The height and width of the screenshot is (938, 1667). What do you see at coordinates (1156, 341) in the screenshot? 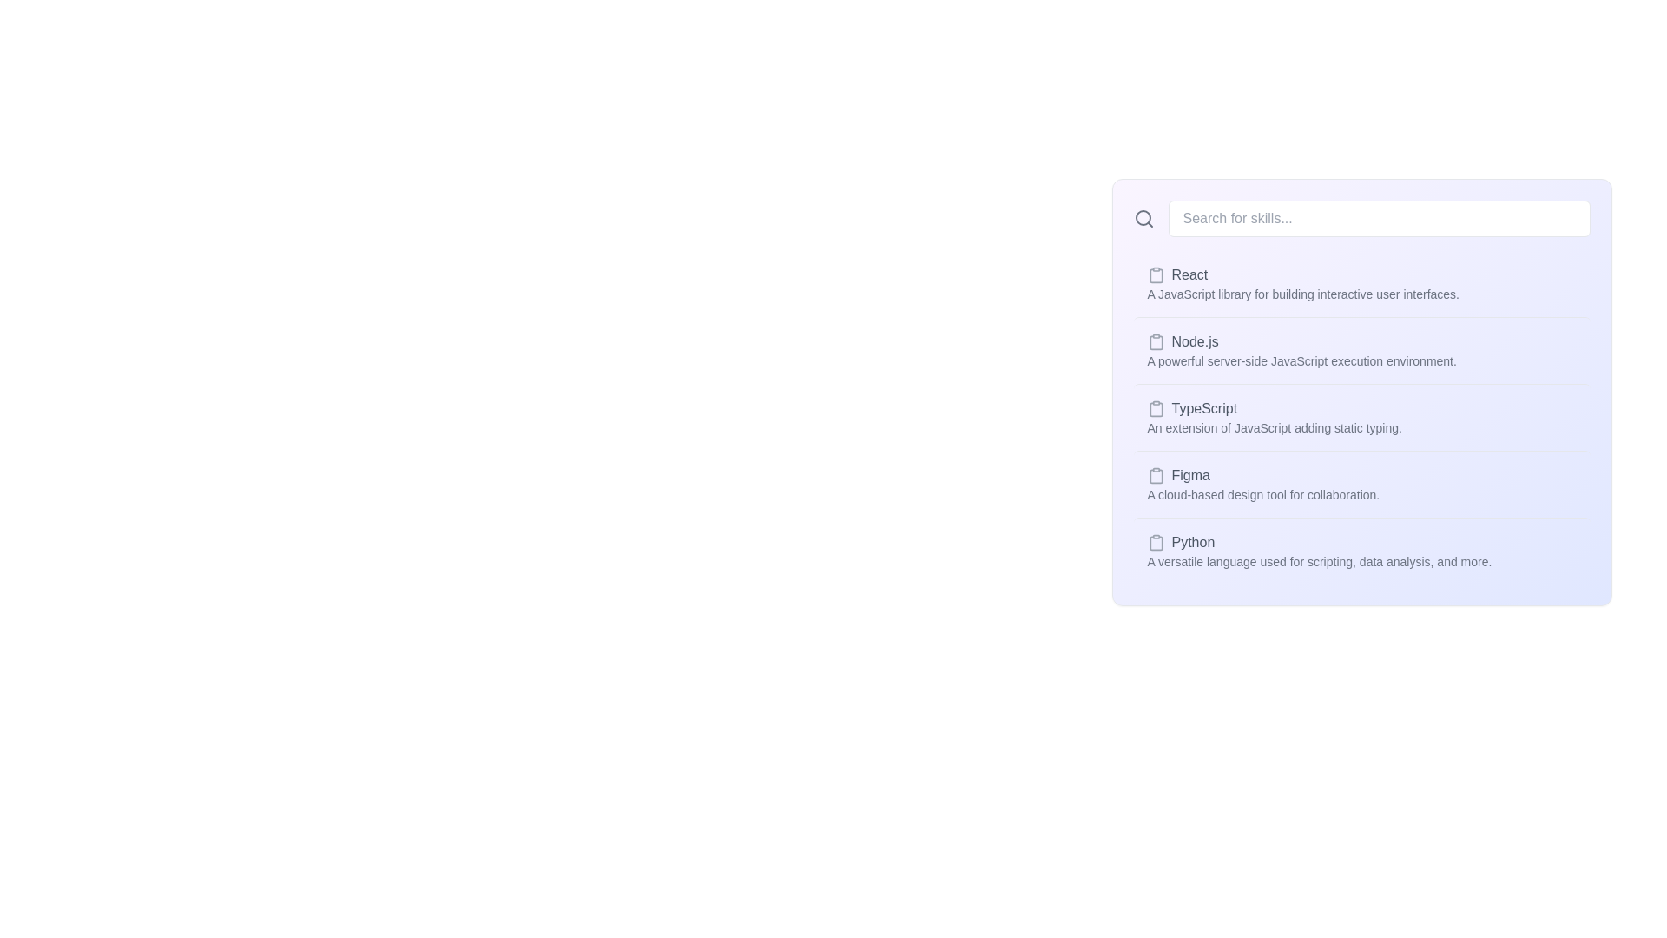
I see `the clipboard icon located to the left of the 'Node.js' text in the vertical list of skills, which is the second item in the list` at bounding box center [1156, 341].